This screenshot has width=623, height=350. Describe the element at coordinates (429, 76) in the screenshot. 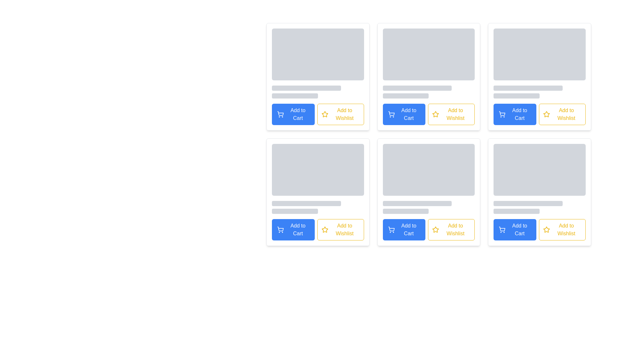

I see `the product card` at that location.